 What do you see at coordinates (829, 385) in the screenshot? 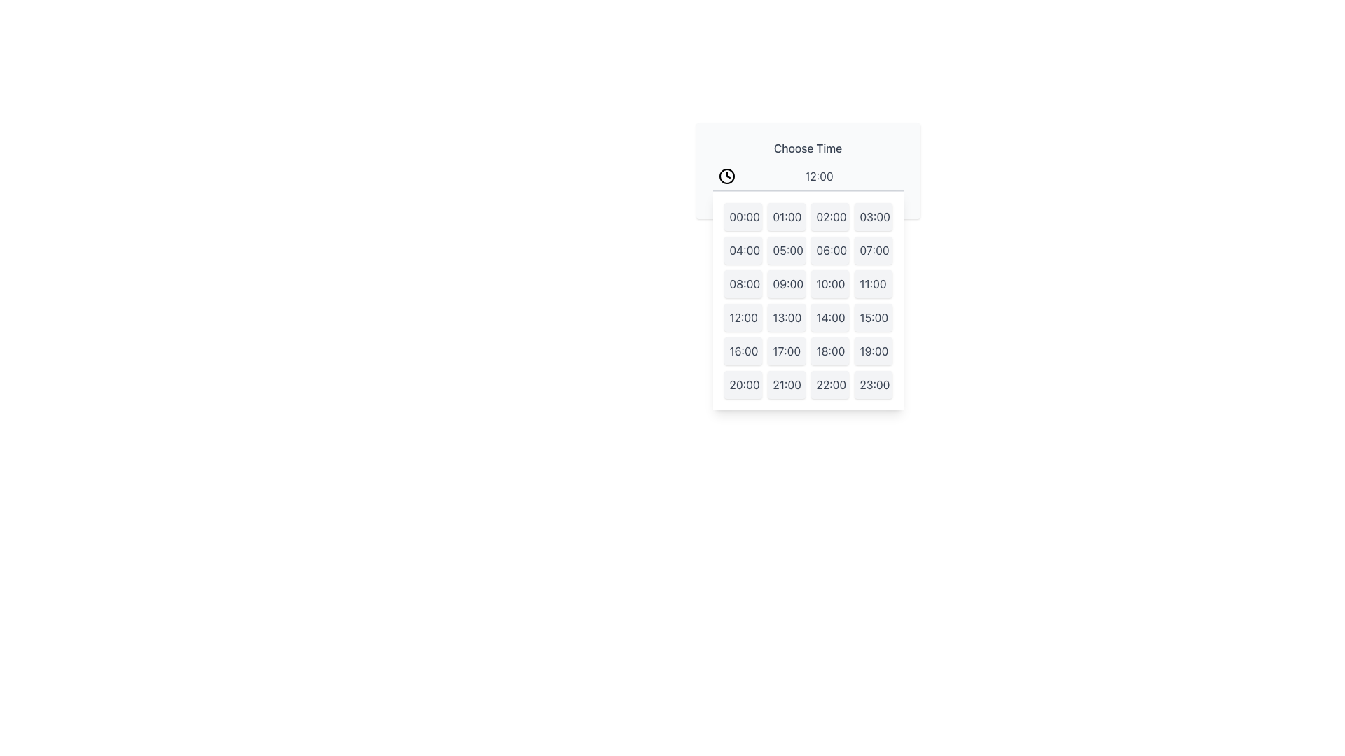
I see `the selectable time option button for '22:00' located in the bottom right of the time options grid` at bounding box center [829, 385].